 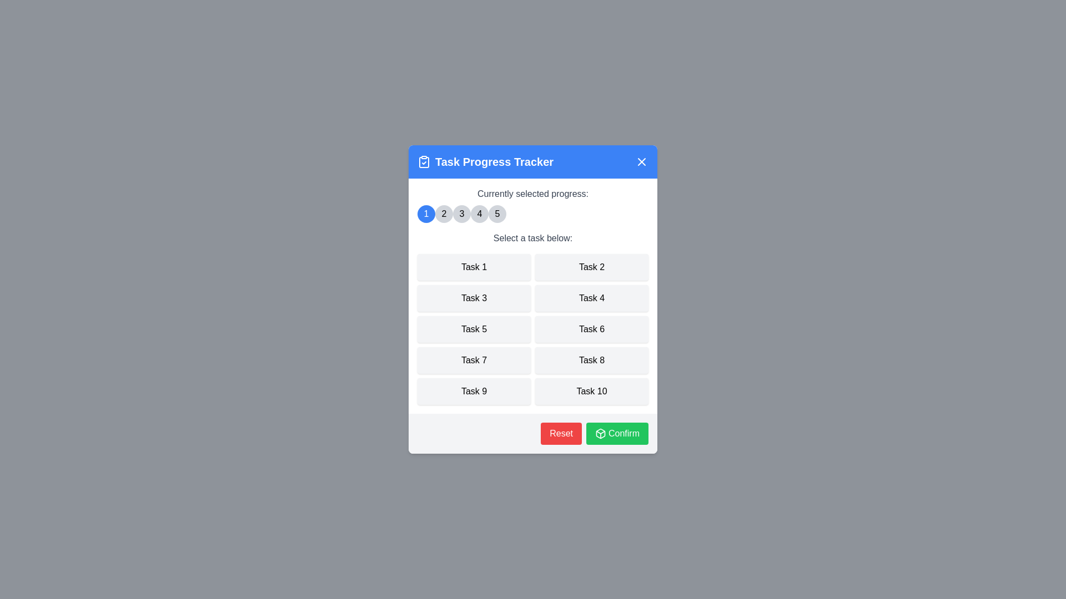 What do you see at coordinates (561, 433) in the screenshot?
I see `the 'Reset' button to reset the progress to the initial state` at bounding box center [561, 433].